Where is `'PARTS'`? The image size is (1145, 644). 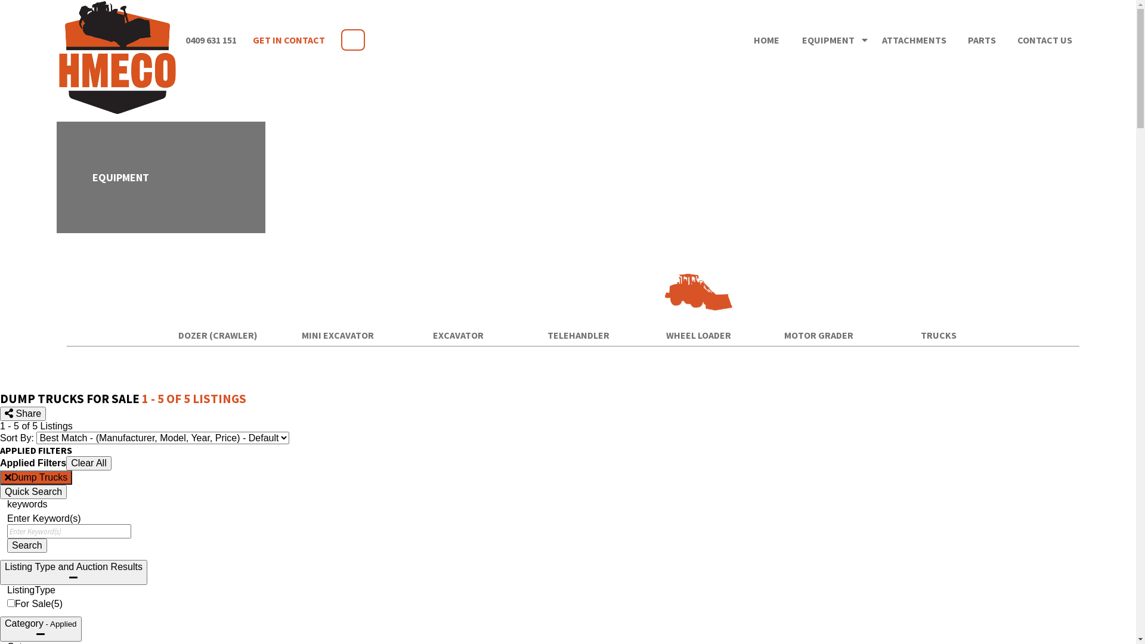 'PARTS' is located at coordinates (967, 39).